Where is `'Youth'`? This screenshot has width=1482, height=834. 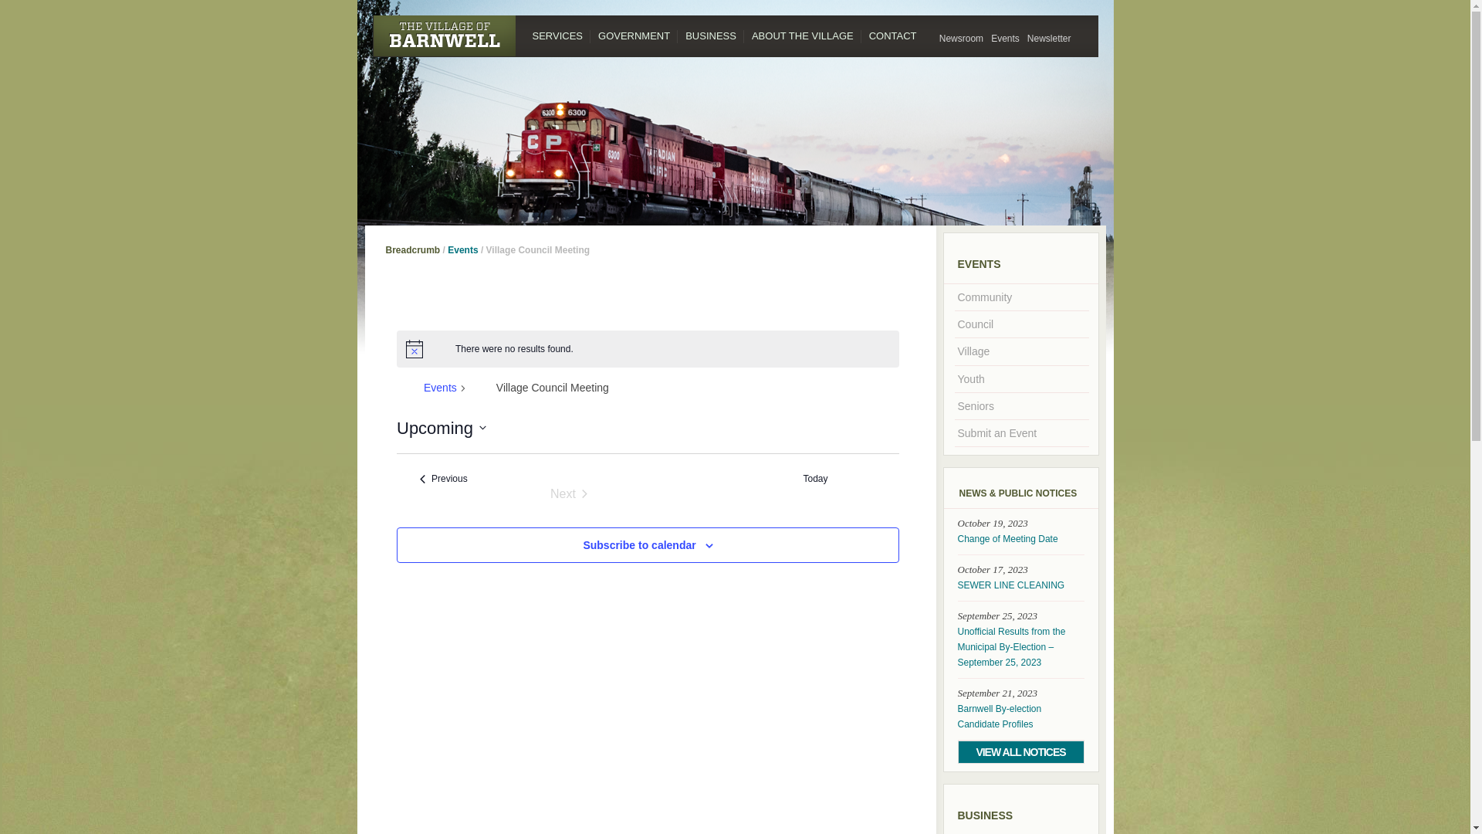 'Youth' is located at coordinates (1020, 378).